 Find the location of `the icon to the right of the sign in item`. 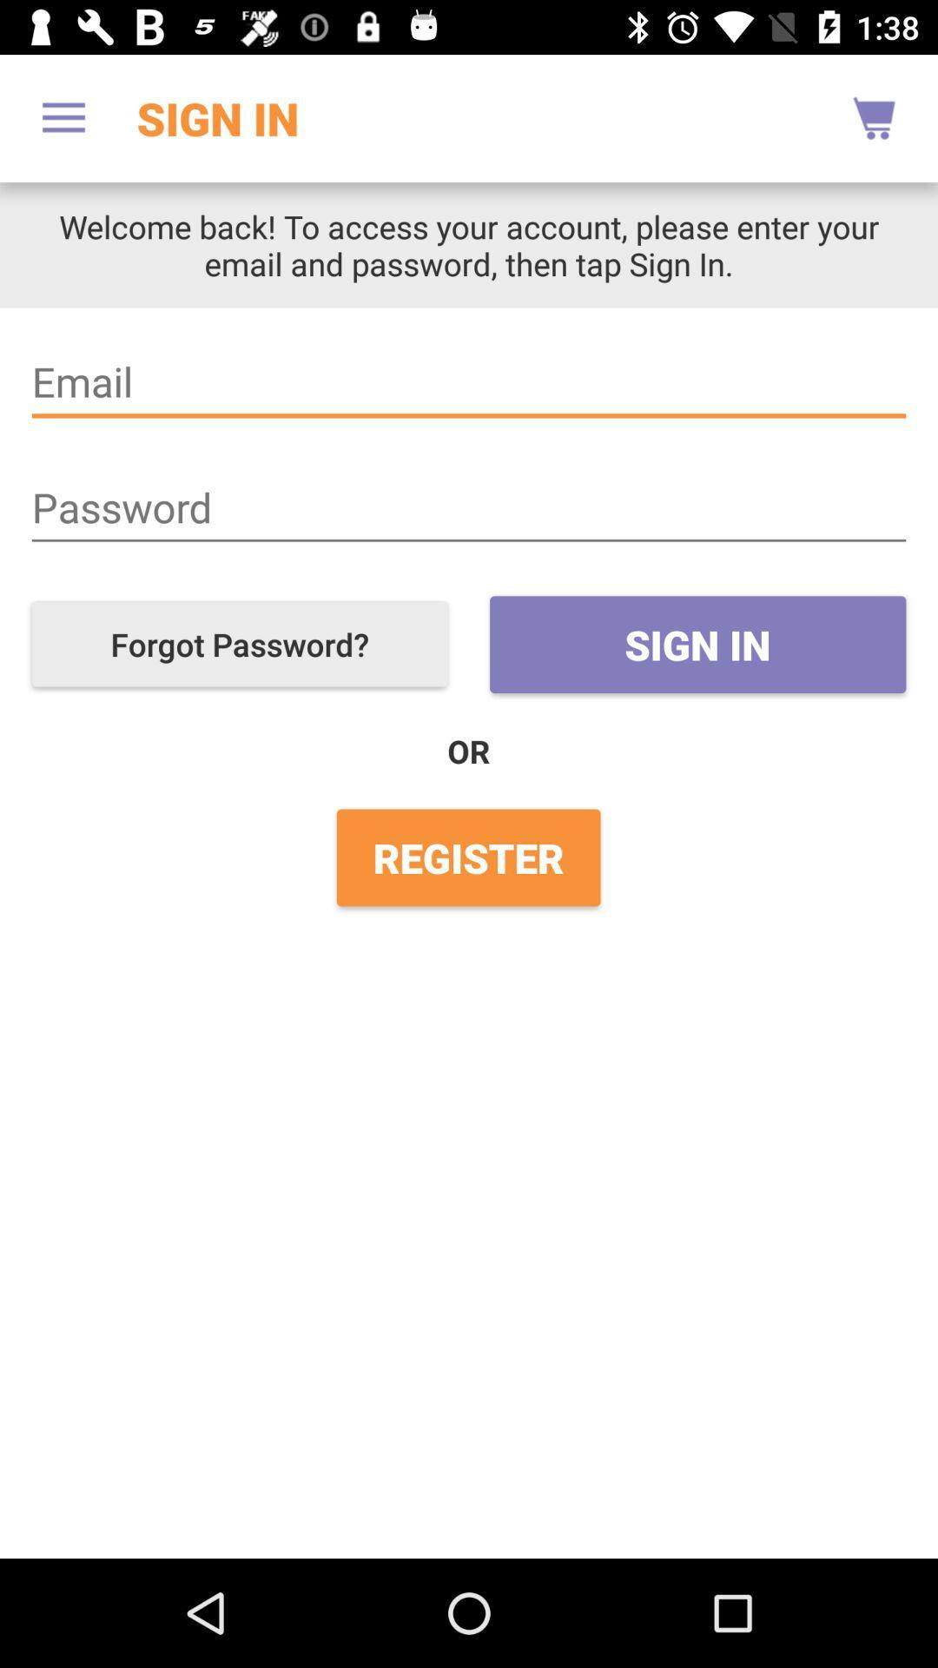

the icon to the right of the sign in item is located at coordinates (874, 117).